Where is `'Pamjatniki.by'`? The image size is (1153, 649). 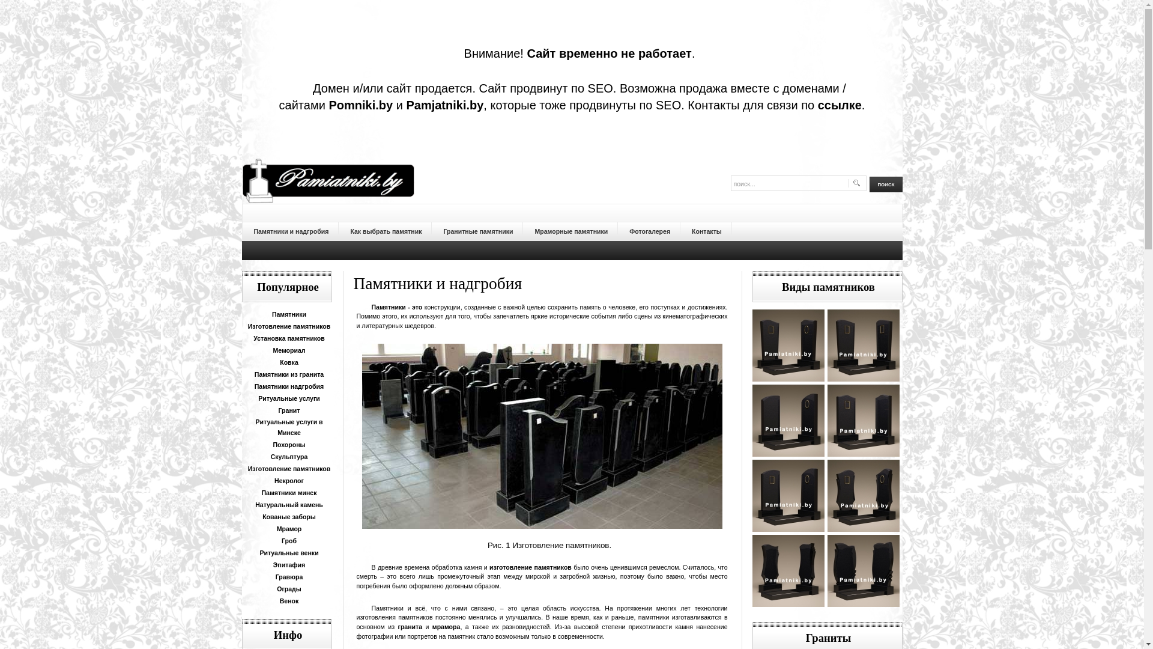
'Pamjatniki.by' is located at coordinates (444, 104).